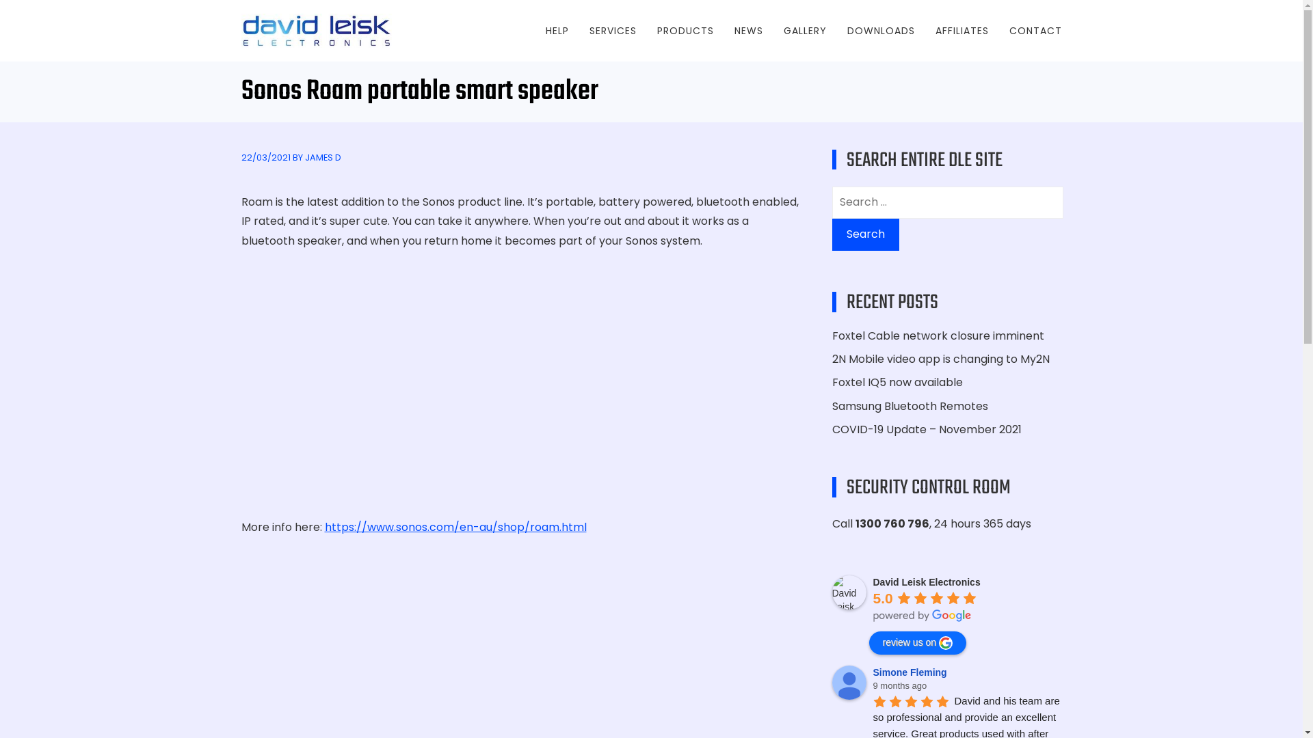  Describe the element at coordinates (937, 336) in the screenshot. I see `'Foxtel Cable network closure imminent'` at that location.